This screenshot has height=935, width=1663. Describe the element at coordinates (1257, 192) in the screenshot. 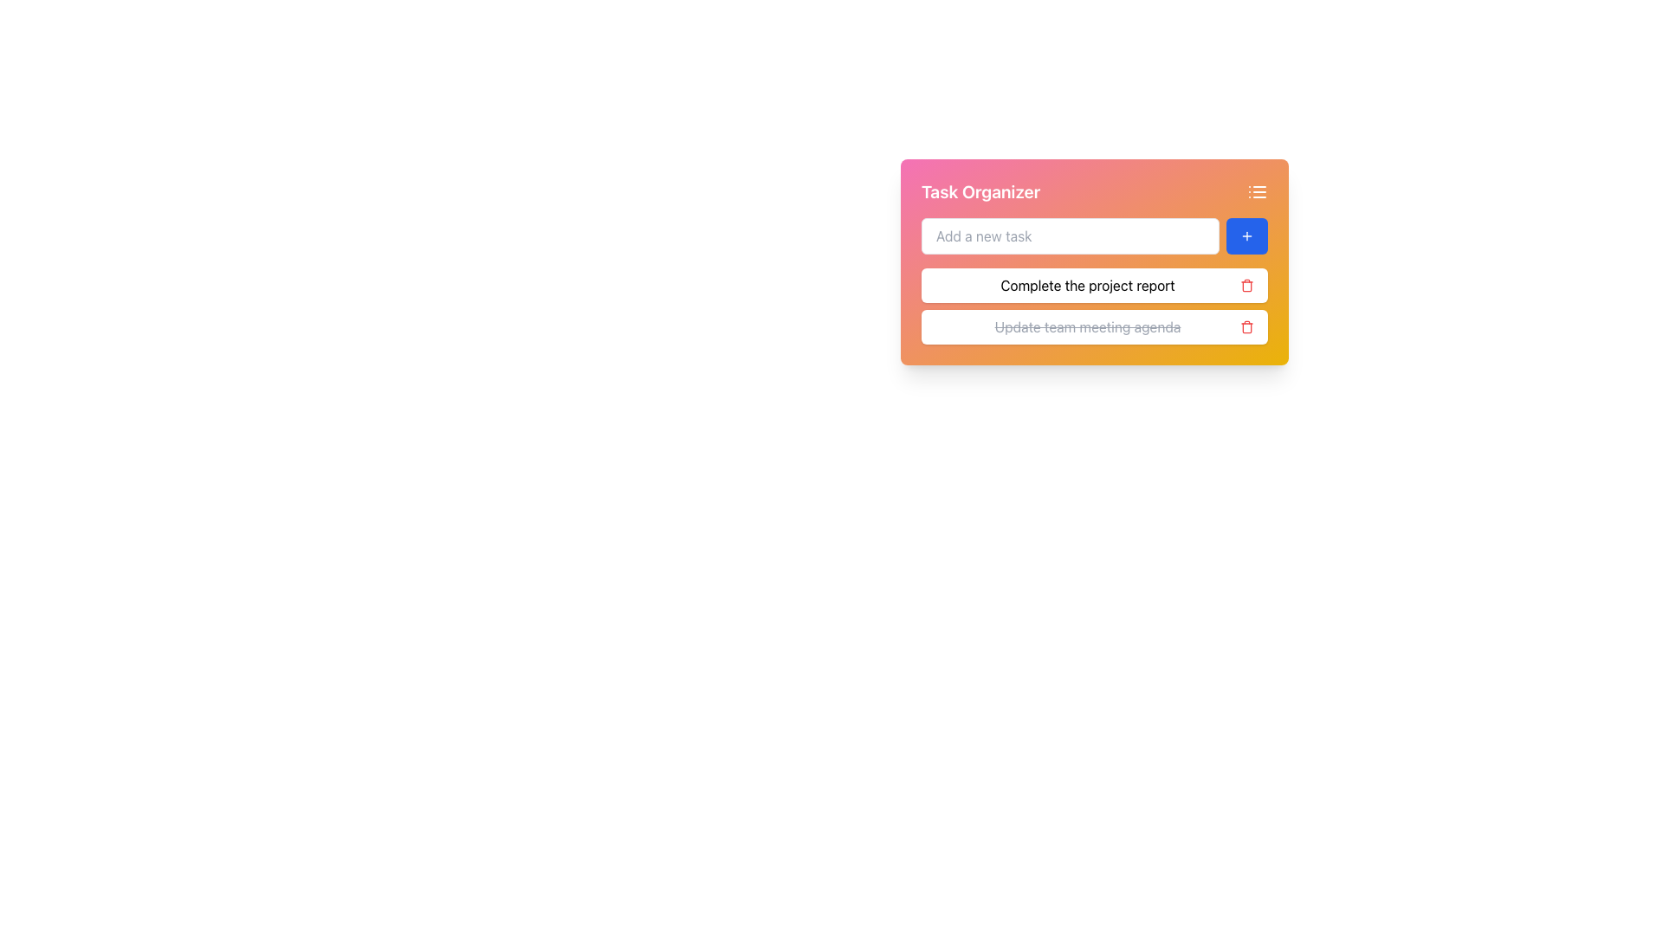

I see `the menu icon located at the top-right corner of the 'Task Organizer' section` at that location.